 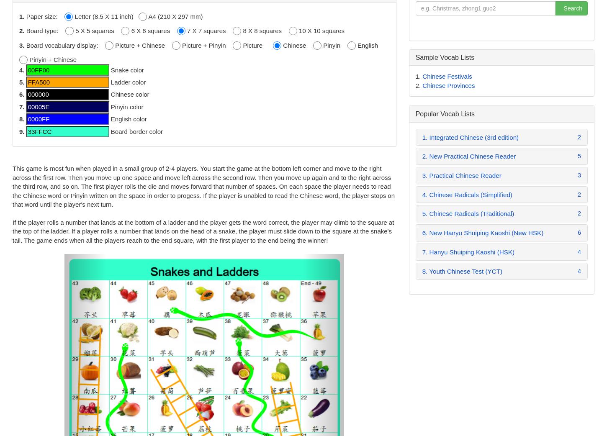 What do you see at coordinates (72, 15) in the screenshot?
I see `'Letter (8.5 X 11 inch)'` at bounding box center [72, 15].